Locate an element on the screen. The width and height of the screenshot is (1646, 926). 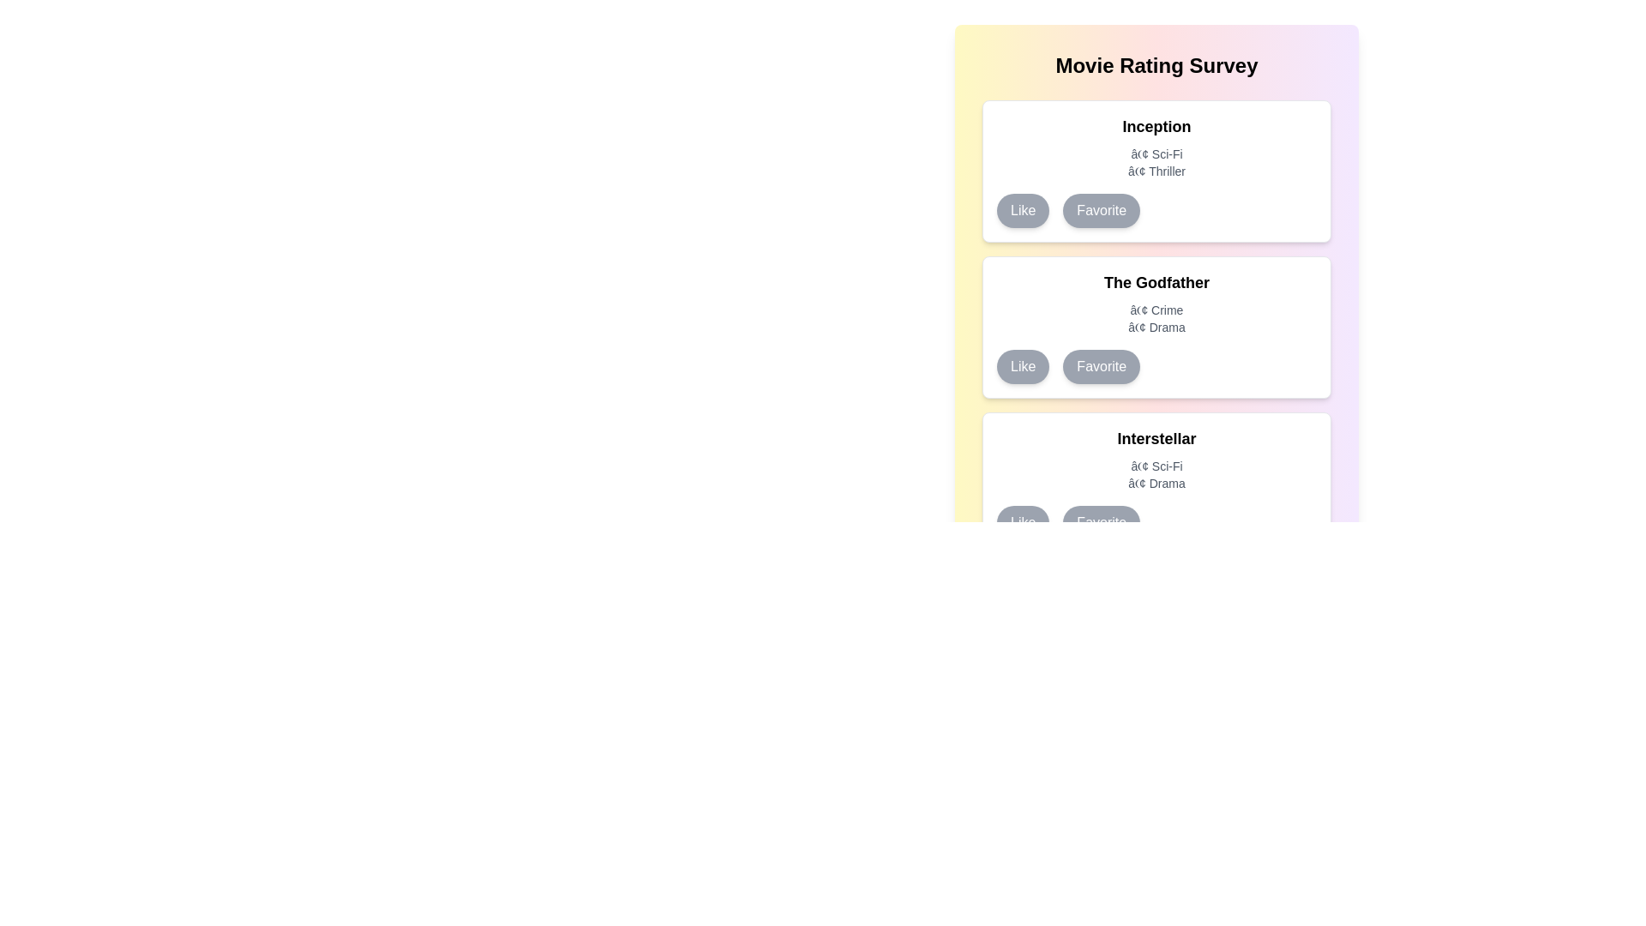
the text label 'â€¢ Sci-Fi' which is located under the 'Interstellar' movie title and styled with a smaller gray font is located at coordinates (1156, 466).